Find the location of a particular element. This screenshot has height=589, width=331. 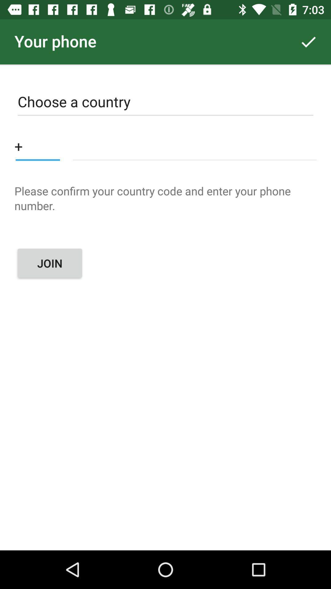

the icon on the left is located at coordinates (49, 263).